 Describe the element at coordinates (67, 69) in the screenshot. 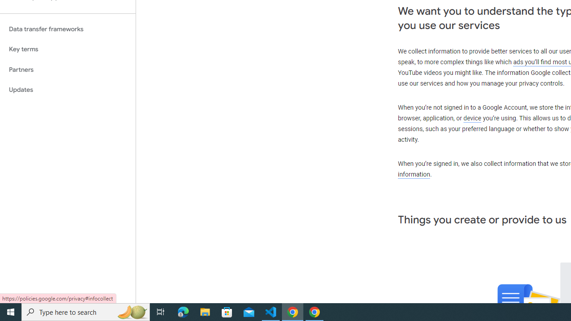

I see `'Partners'` at that location.